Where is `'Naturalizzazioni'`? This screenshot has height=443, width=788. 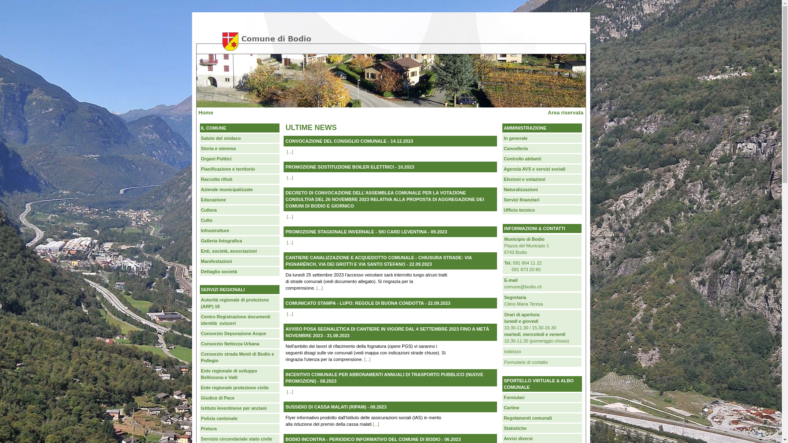
'Naturalizzazioni' is located at coordinates (542, 190).